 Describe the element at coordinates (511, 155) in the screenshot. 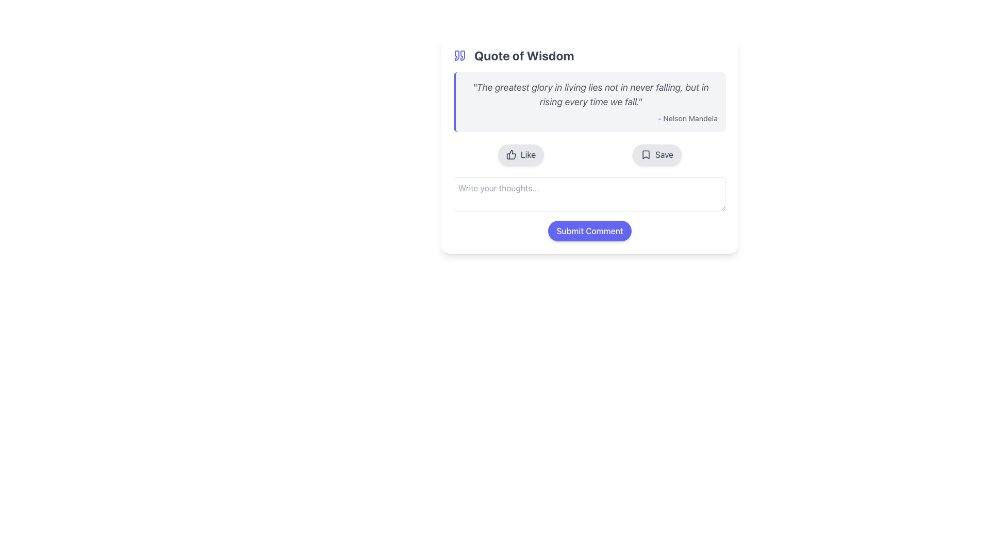

I see `'Like' icon located centrally within the 'Like' button in the comment section, positioned below the quotation text and to the left of the 'Save' button` at that location.